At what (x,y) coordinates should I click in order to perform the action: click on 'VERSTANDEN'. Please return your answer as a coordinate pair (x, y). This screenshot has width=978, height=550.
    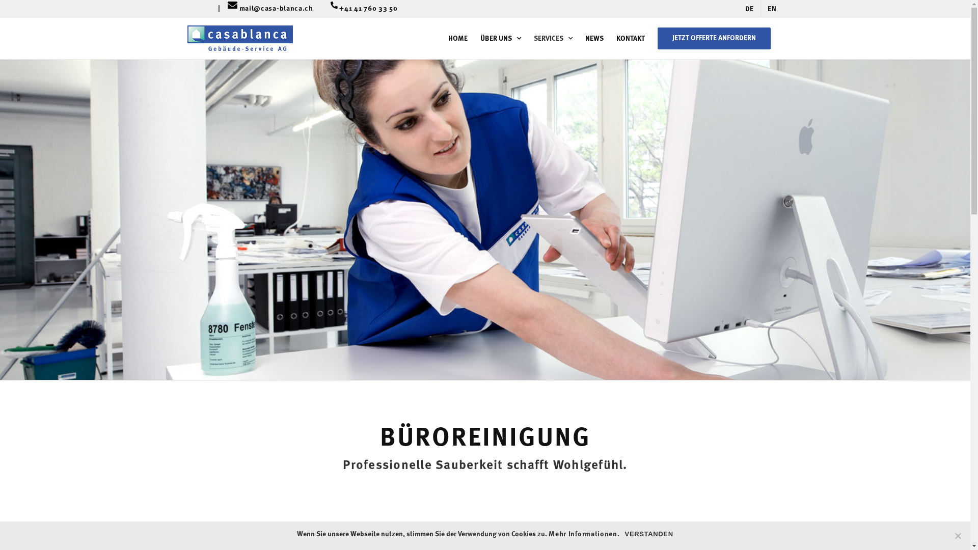
    Looking at the image, I should click on (648, 534).